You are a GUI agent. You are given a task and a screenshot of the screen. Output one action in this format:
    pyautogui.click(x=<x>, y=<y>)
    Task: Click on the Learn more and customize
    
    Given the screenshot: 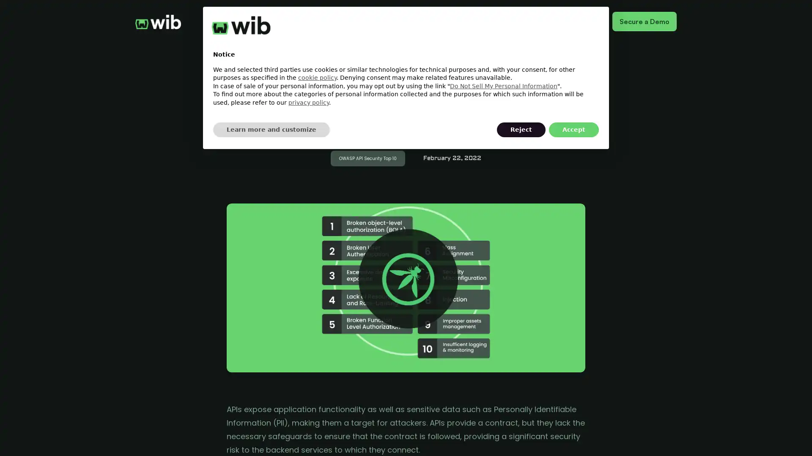 What is the action you would take?
    pyautogui.click(x=272, y=130)
    